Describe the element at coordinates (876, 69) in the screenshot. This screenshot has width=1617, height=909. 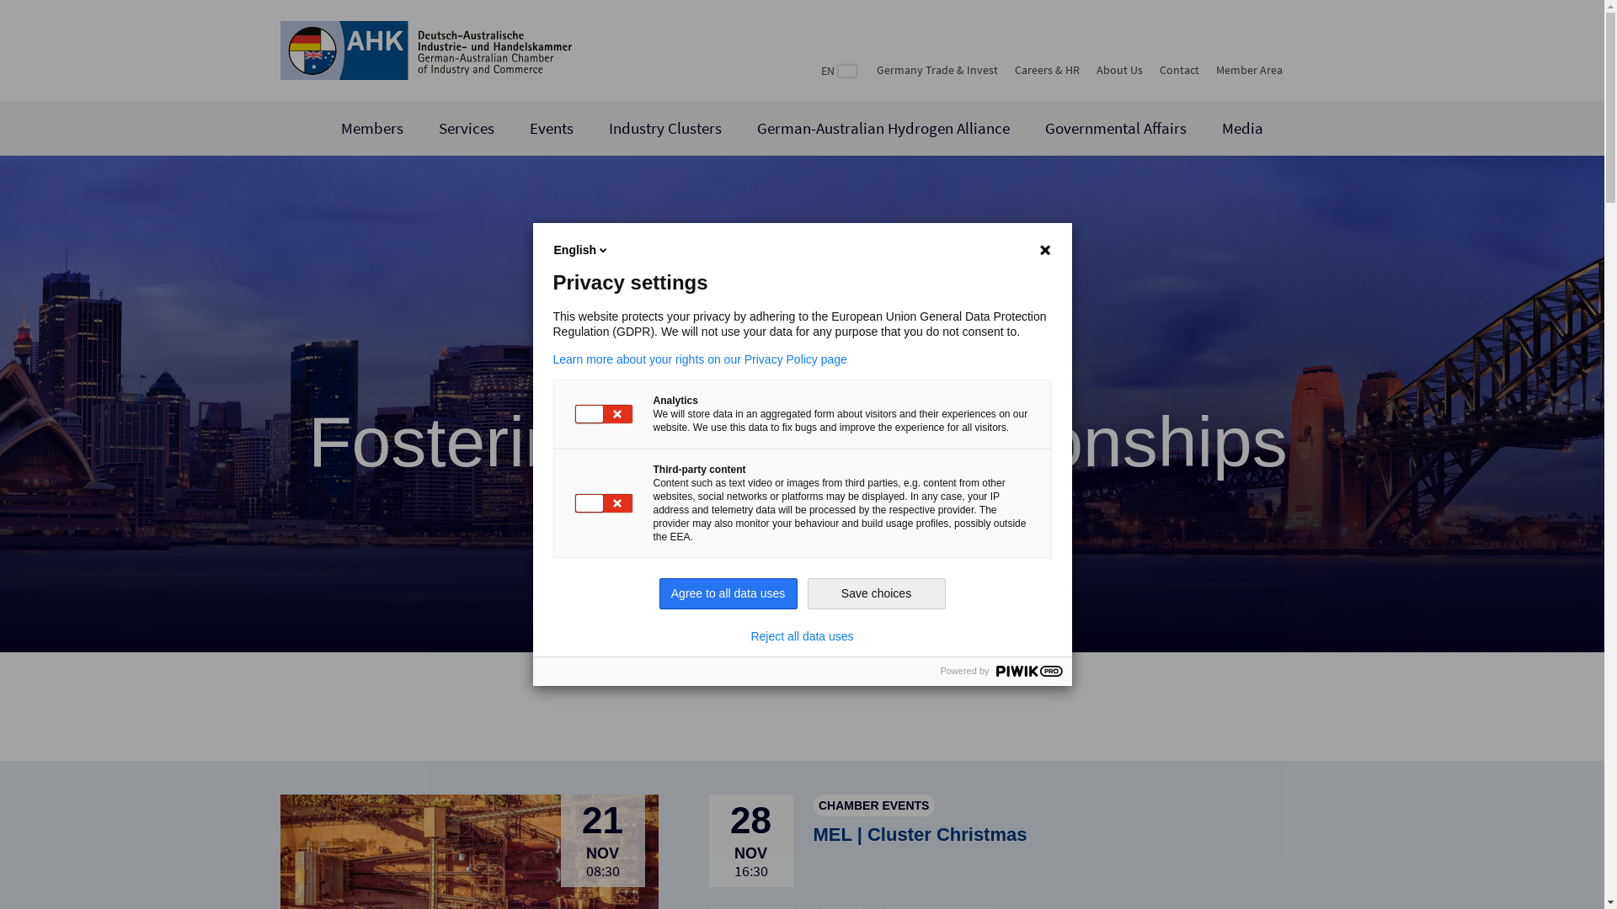
I see `'Germany Trade & Invest'` at that location.